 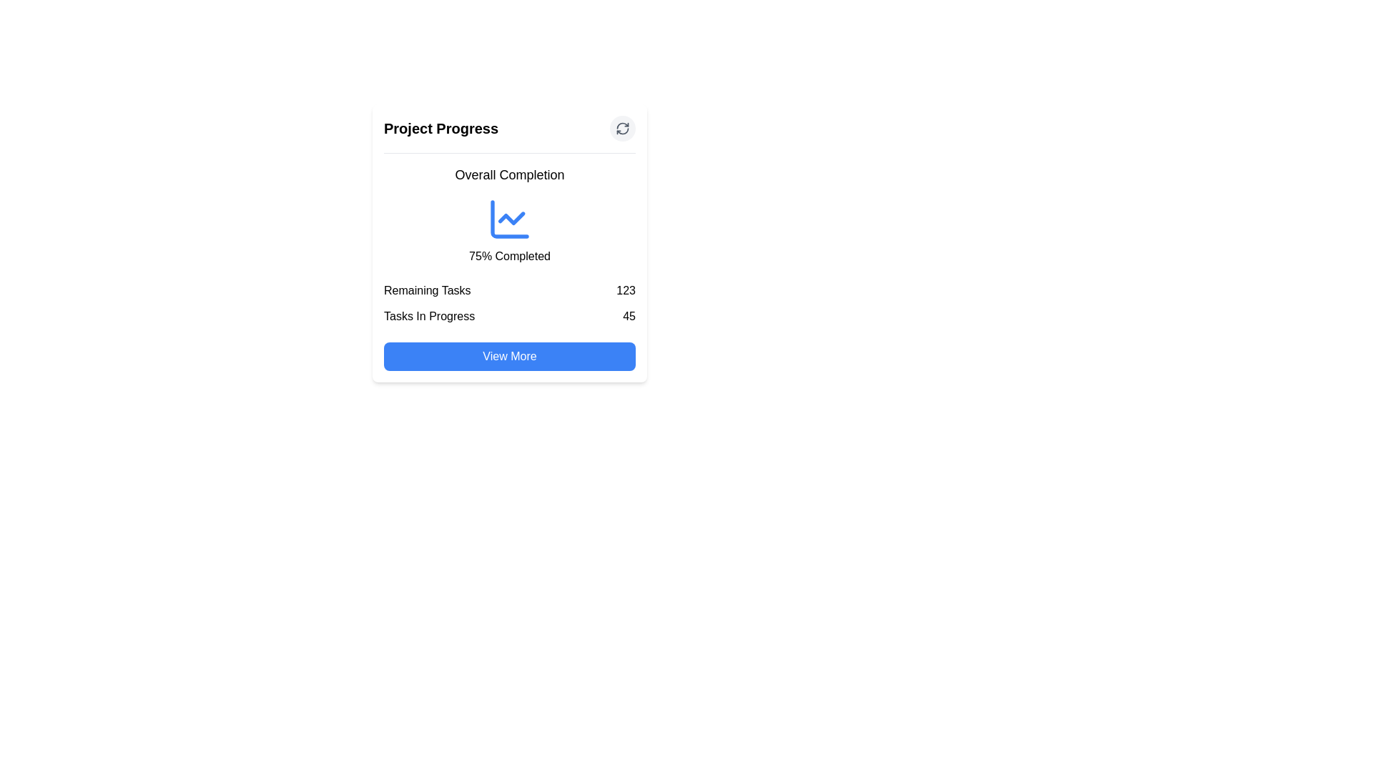 What do you see at coordinates (510, 255) in the screenshot?
I see `the progress completion percentage Text Label located beneath the chart icon in the 'Overall Completion' section` at bounding box center [510, 255].